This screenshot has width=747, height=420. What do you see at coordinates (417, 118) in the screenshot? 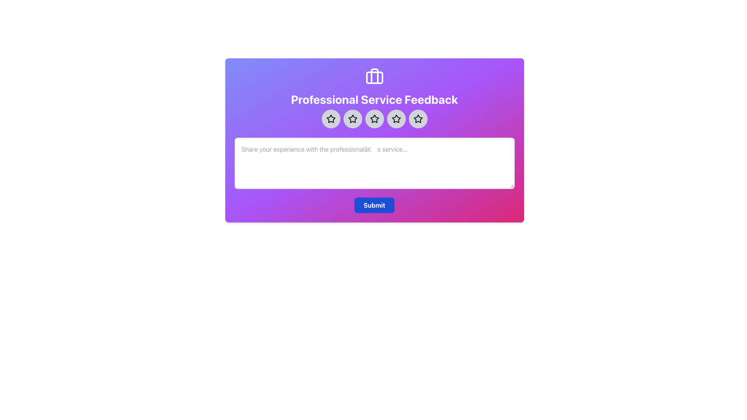
I see `the right-most star icon in the horizontal sequence of five star icons` at bounding box center [417, 118].